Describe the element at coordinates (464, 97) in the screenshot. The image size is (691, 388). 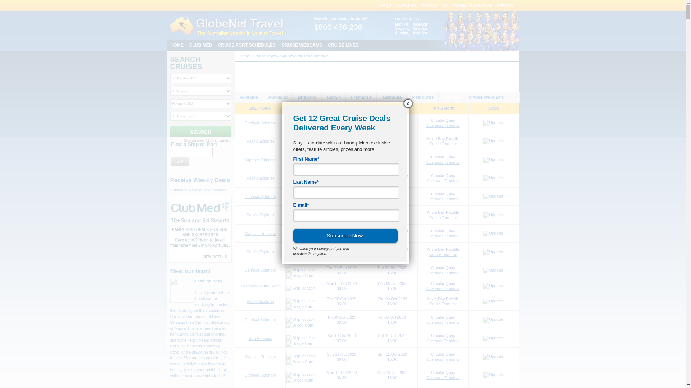
I see `'Cruise Webcams'` at that location.